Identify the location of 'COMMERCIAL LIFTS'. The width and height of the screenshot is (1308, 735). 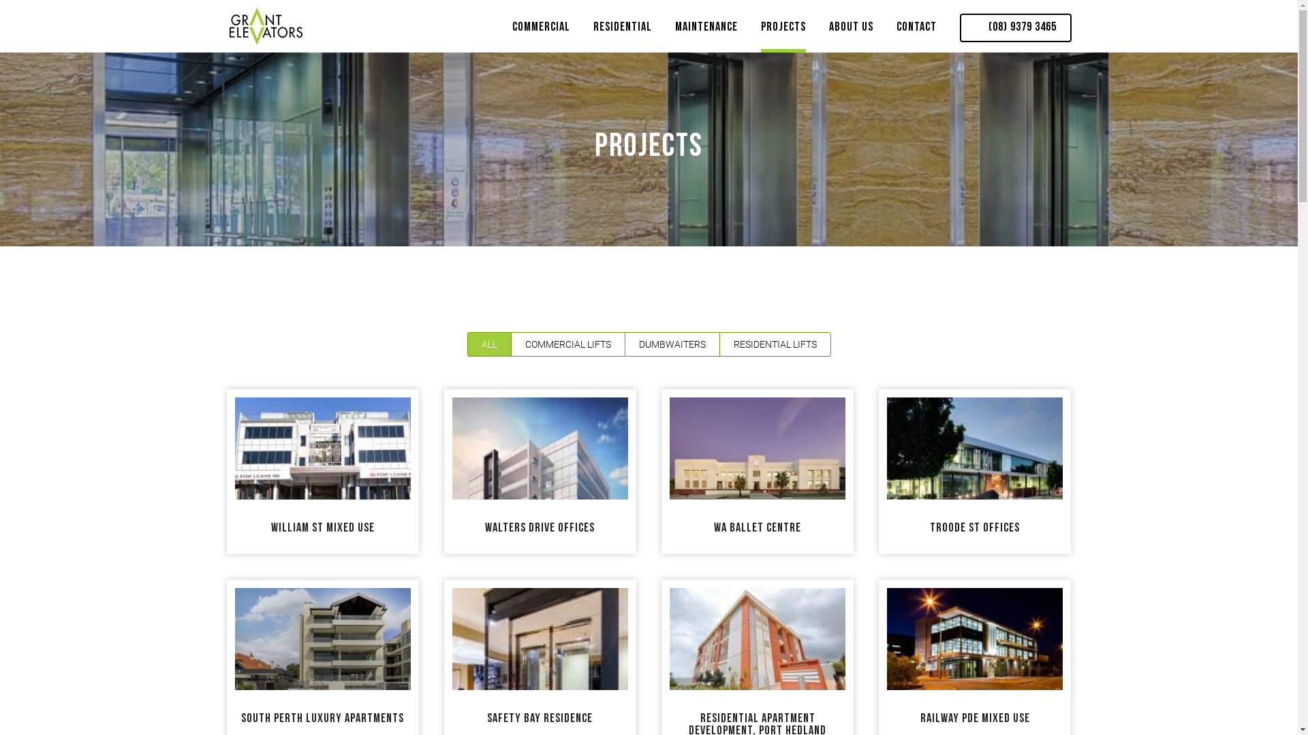
(510, 343).